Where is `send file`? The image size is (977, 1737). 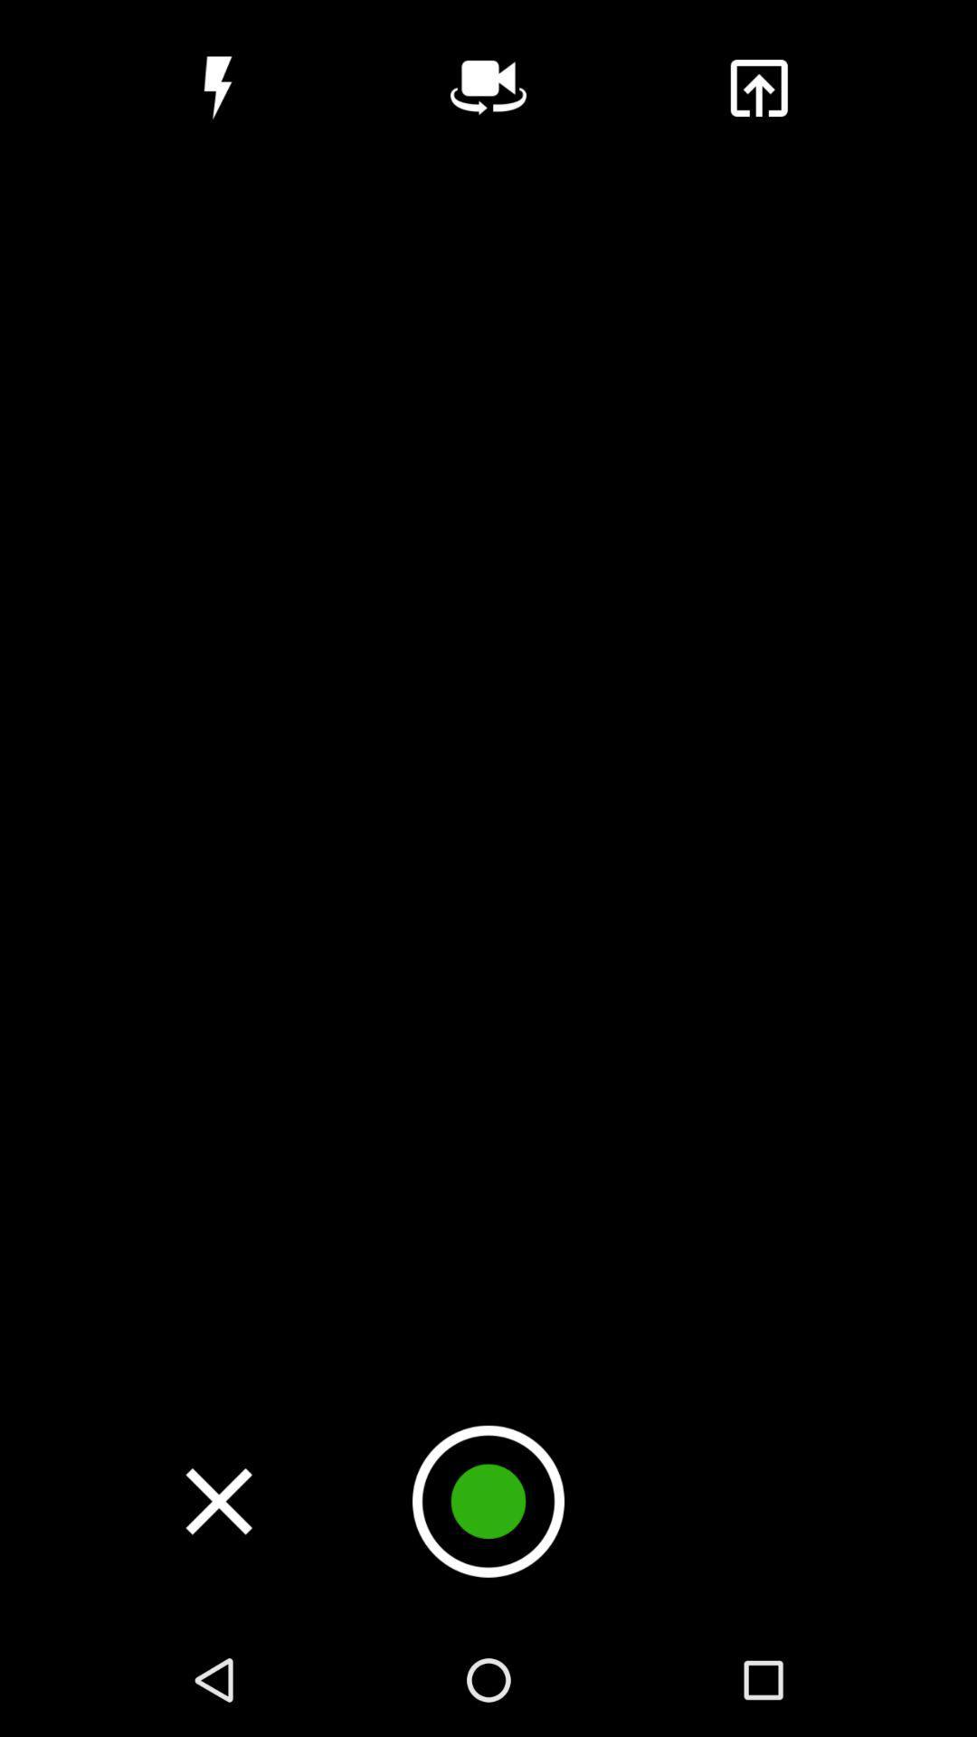 send file is located at coordinates (758, 87).